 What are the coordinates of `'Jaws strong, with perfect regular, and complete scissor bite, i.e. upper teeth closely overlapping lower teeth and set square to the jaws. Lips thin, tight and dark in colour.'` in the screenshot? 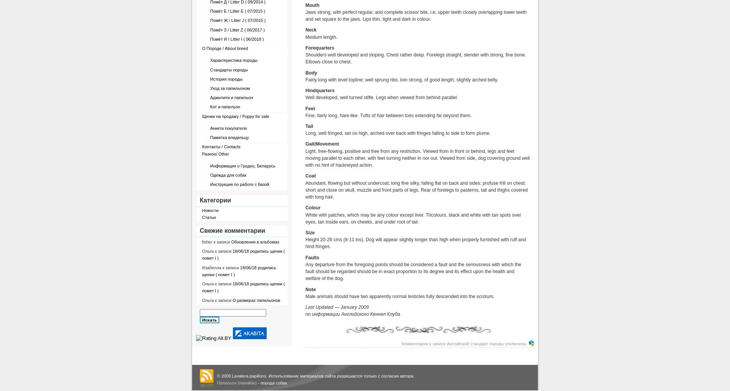 It's located at (416, 15).